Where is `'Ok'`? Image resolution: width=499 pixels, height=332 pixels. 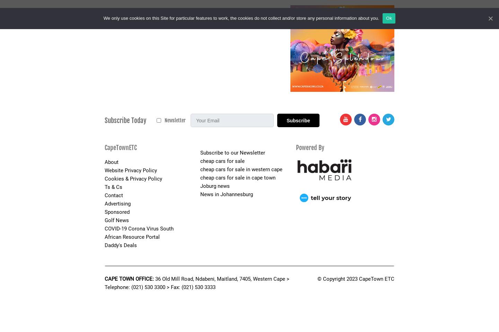
'Ok' is located at coordinates (388, 18).